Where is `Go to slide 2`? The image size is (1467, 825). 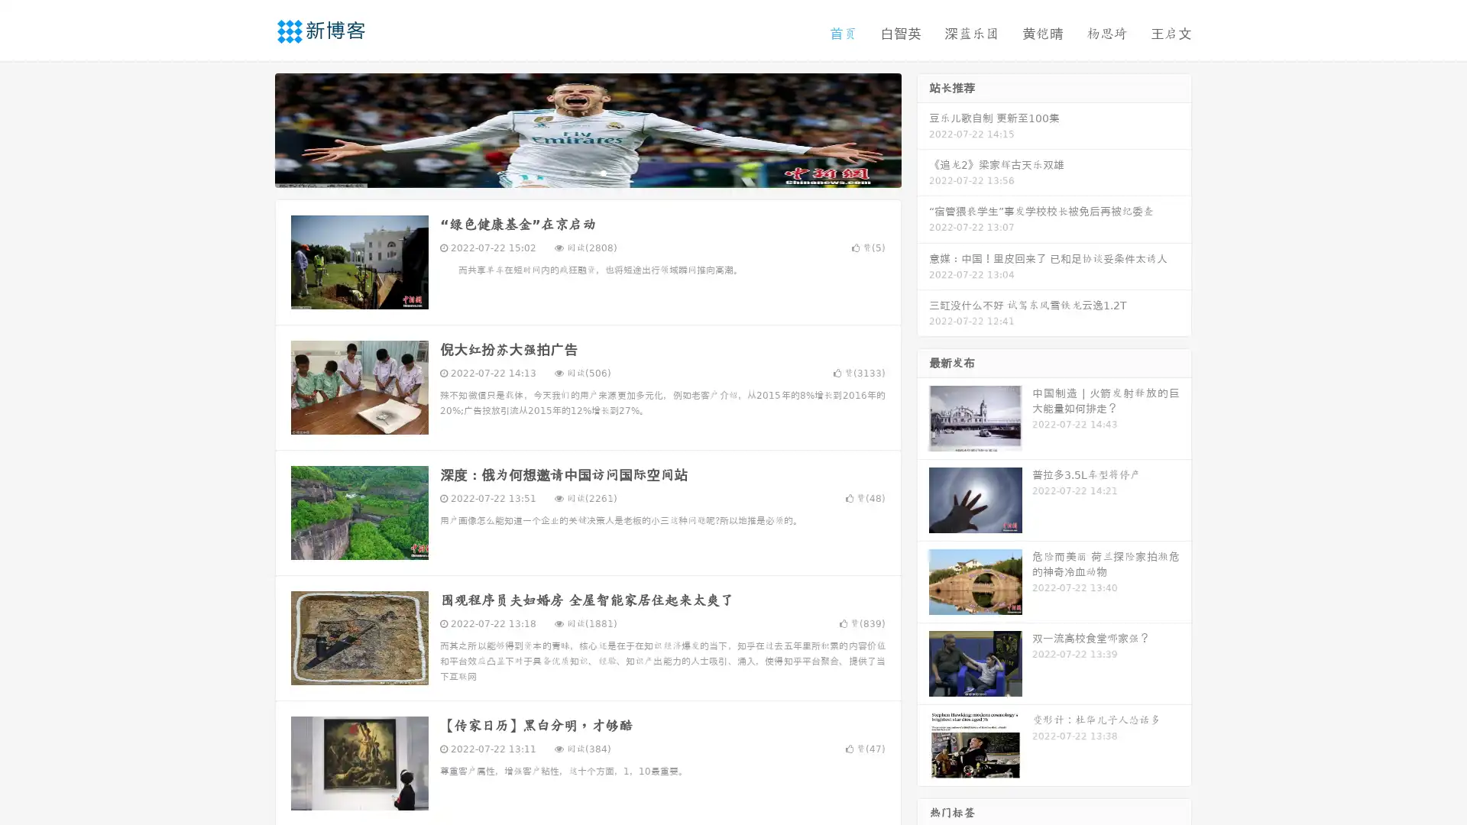 Go to slide 2 is located at coordinates (587, 172).